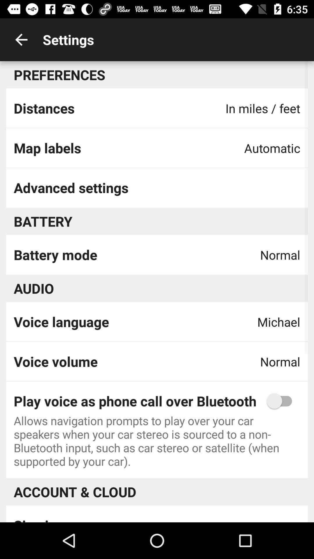 The height and width of the screenshot is (559, 314). What do you see at coordinates (44, 108) in the screenshot?
I see `distances` at bounding box center [44, 108].